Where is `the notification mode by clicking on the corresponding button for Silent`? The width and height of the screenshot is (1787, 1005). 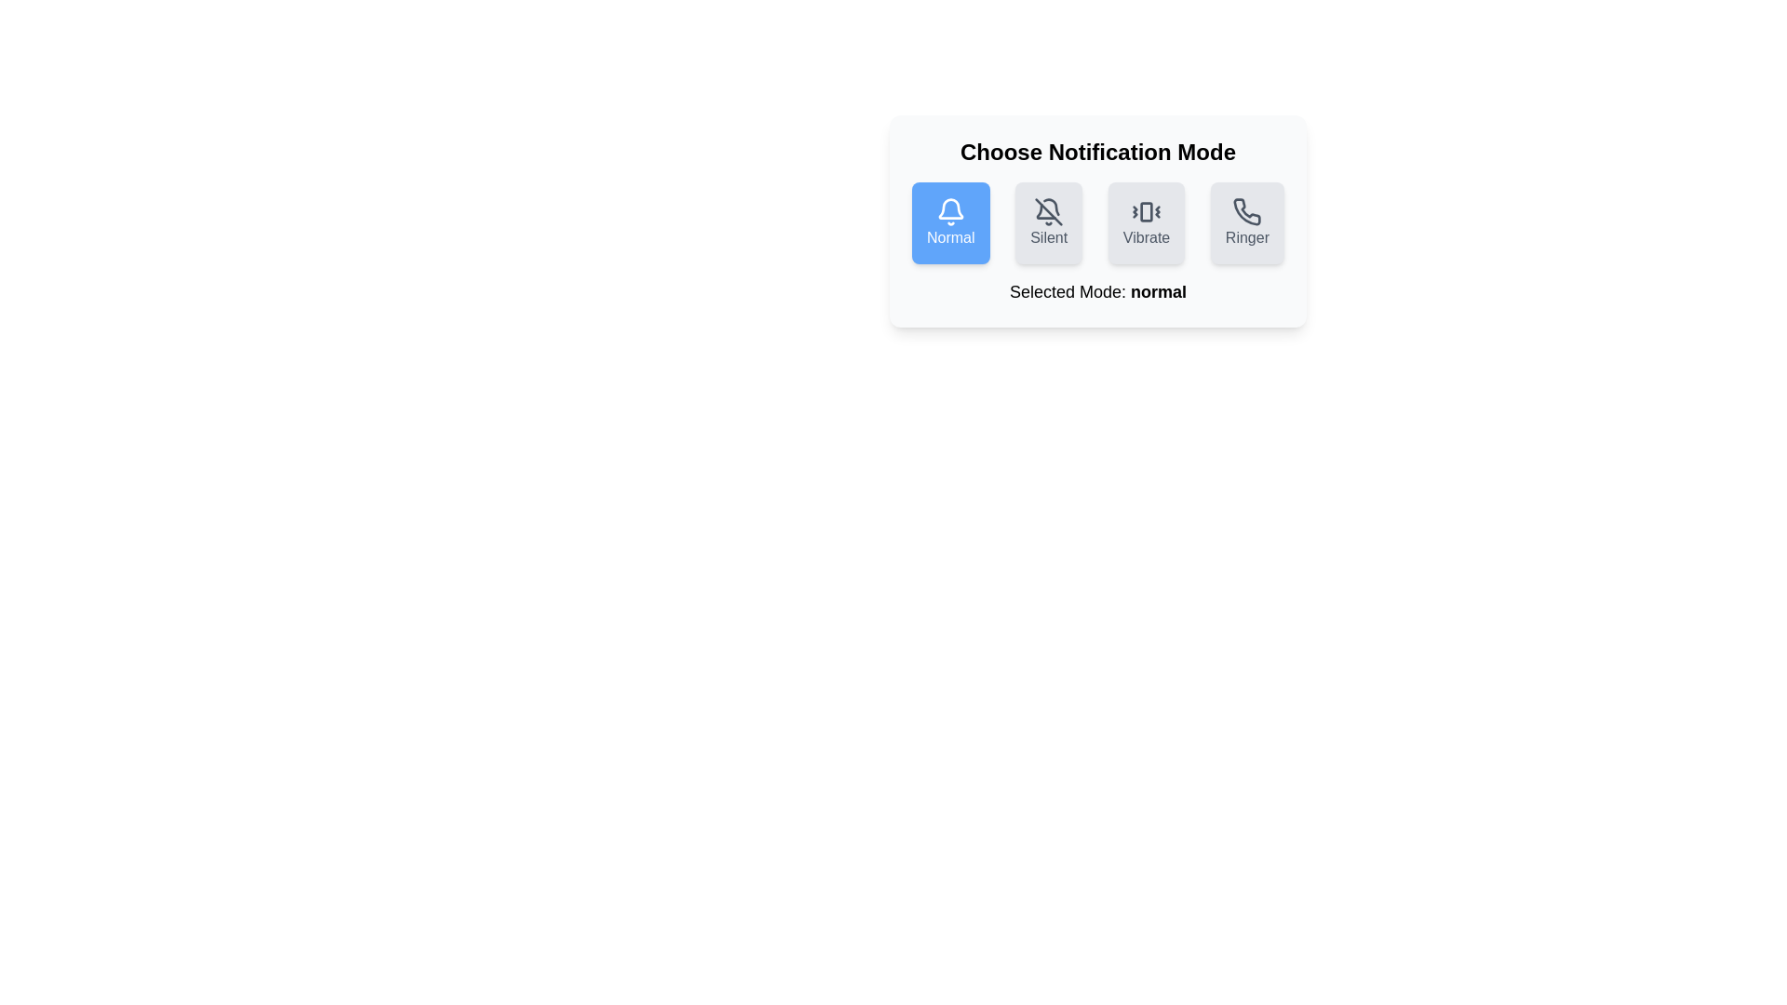
the notification mode by clicking on the corresponding button for Silent is located at coordinates (1049, 221).